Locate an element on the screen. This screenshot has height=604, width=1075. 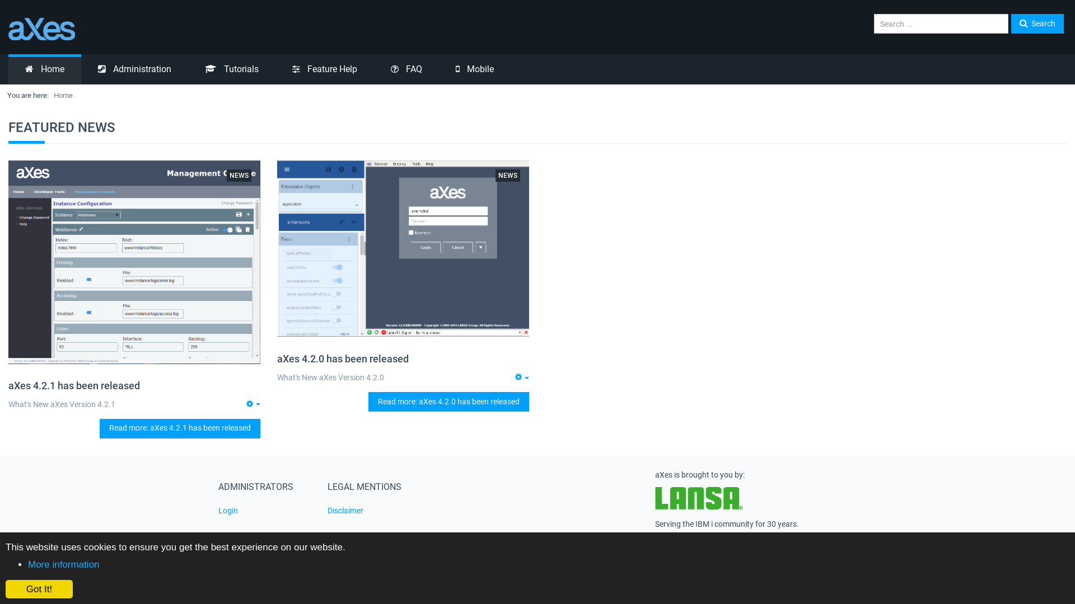
'FAQ' is located at coordinates (373, 69).